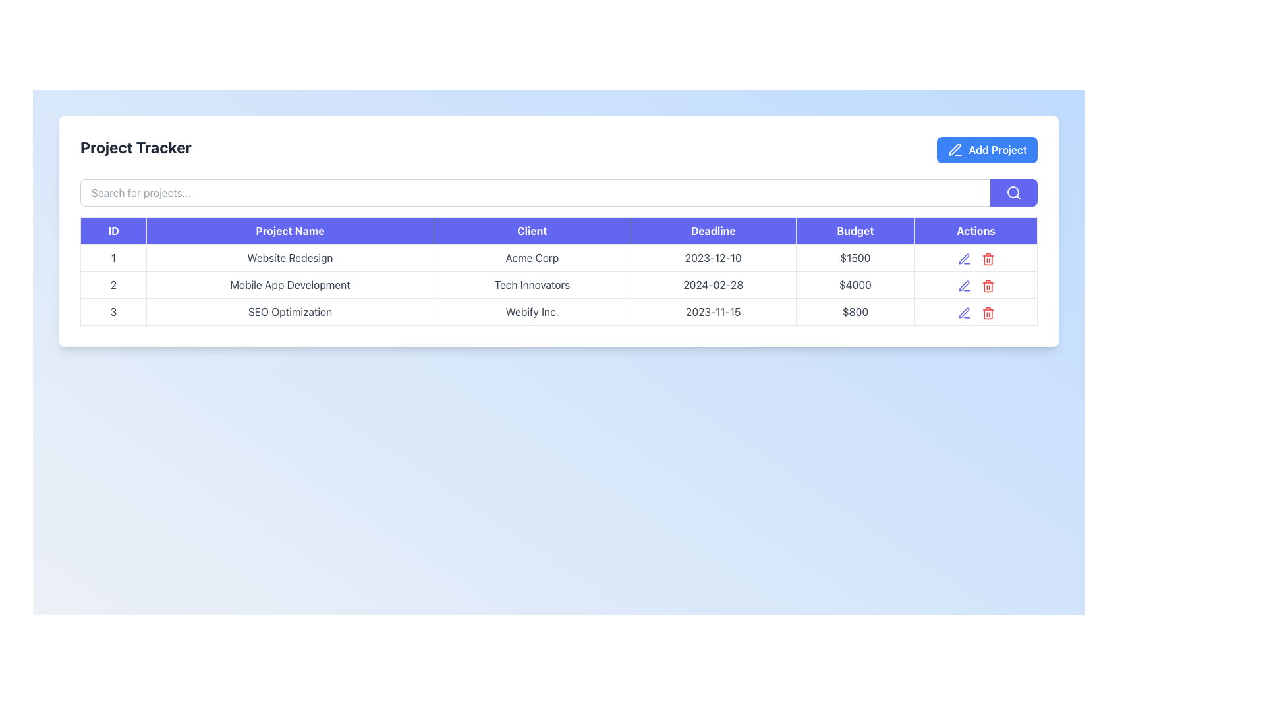 This screenshot has height=711, width=1265. I want to click on the text label displaying the number '1' which is located in the first column of the first row under the 'ID' header of a data table, so click(113, 258).